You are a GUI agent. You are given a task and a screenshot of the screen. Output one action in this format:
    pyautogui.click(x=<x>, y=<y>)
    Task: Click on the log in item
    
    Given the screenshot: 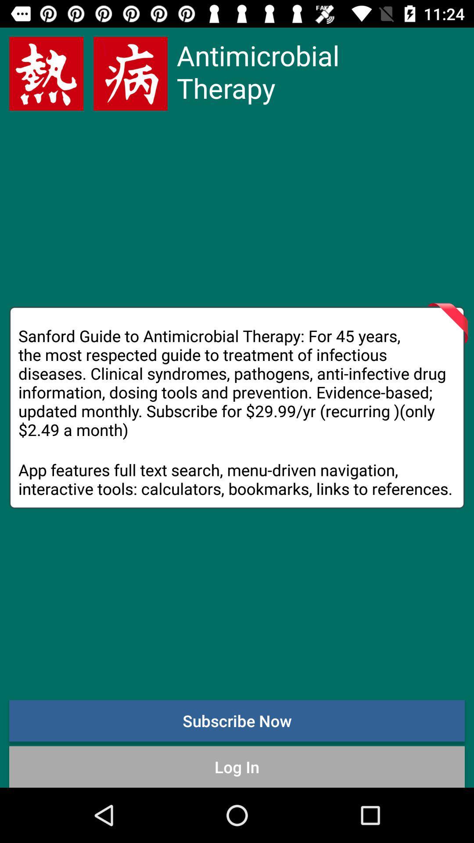 What is the action you would take?
    pyautogui.click(x=237, y=766)
    